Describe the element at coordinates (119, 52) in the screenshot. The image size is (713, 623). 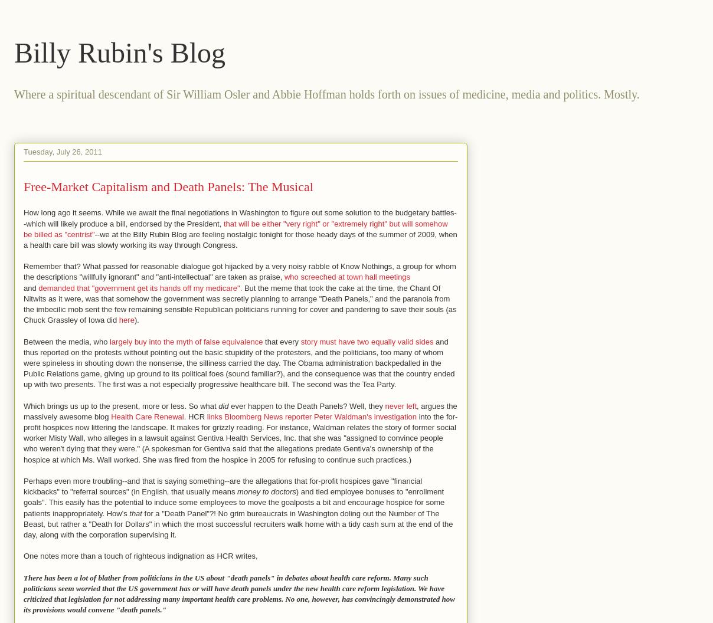
I see `'Billy Rubin's Blog'` at that location.